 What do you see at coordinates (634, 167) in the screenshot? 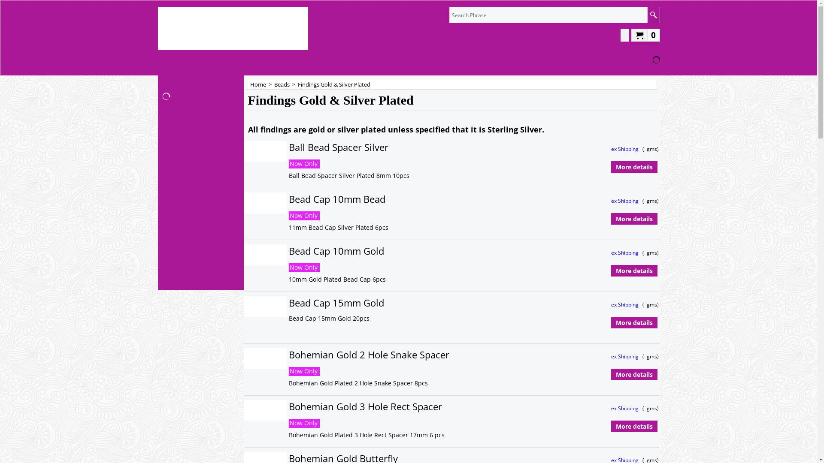
I see `'More details'` at bounding box center [634, 167].